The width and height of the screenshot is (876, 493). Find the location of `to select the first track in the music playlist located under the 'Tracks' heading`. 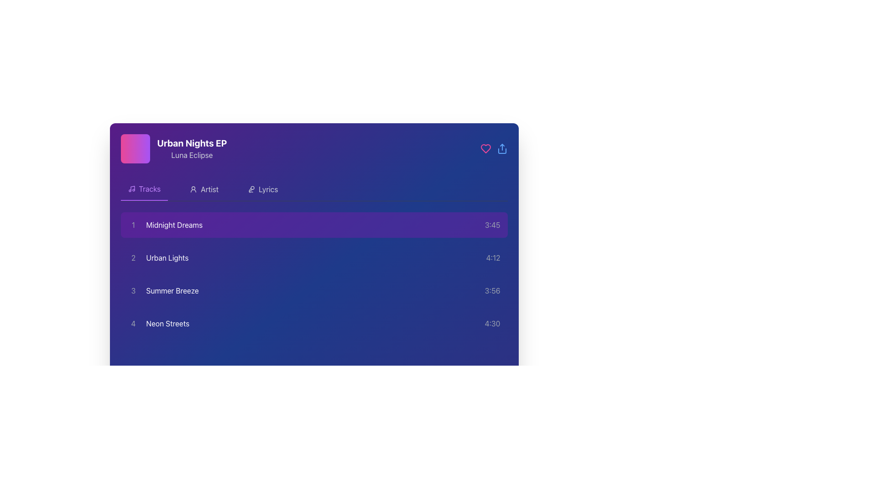

to select the first track in the music playlist located under the 'Tracks' heading is located at coordinates (165, 225).